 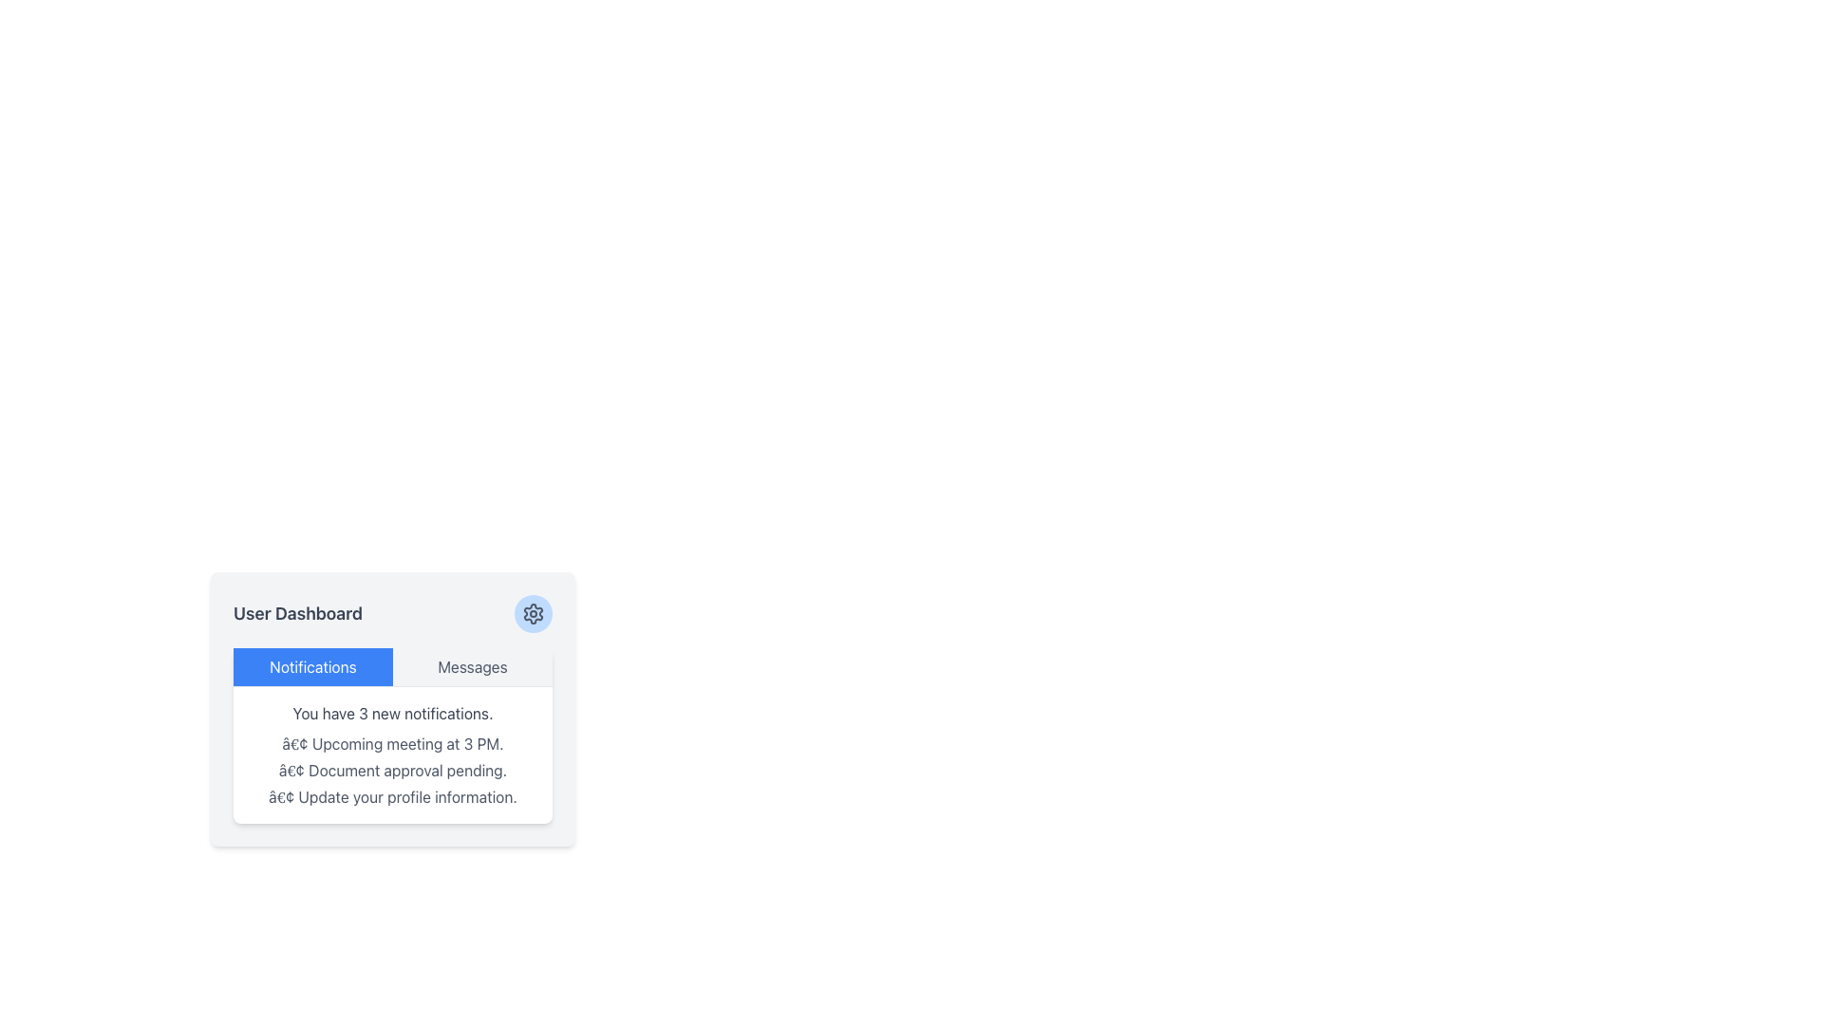 I want to click on the text content element displaying '• Document approval pending.' located in the notification section of the User Dashboard, which is styled in gray and is the second item in a bulleted list, so click(x=391, y=771).